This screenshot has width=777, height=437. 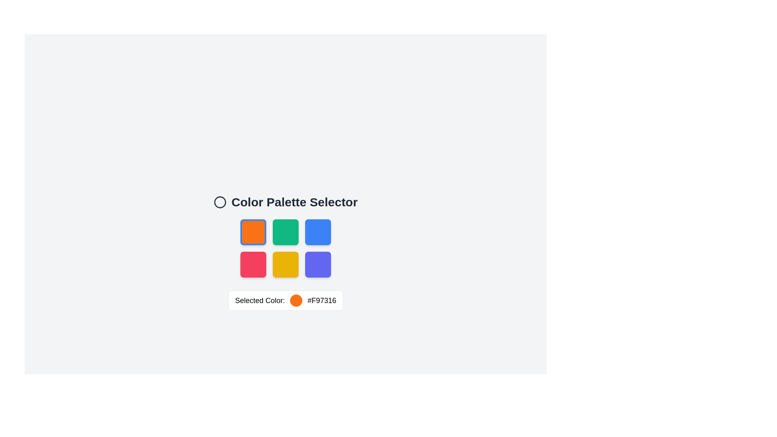 I want to click on the color square located in the second row of the color palette grid, which is the first item in that row, to set this color as the current selection, so click(x=253, y=265).